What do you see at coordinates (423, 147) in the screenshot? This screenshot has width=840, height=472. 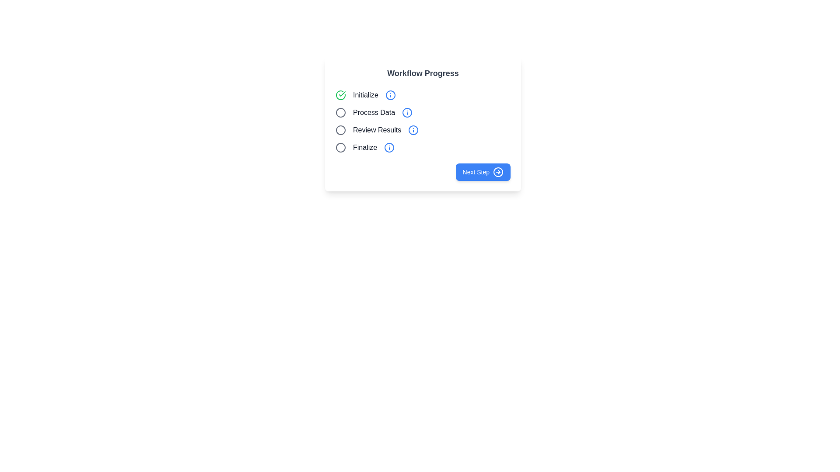 I see `the 'Finalize' list item in the workflow visualization, which is the fourth item in the list, located centrally on the page` at bounding box center [423, 147].